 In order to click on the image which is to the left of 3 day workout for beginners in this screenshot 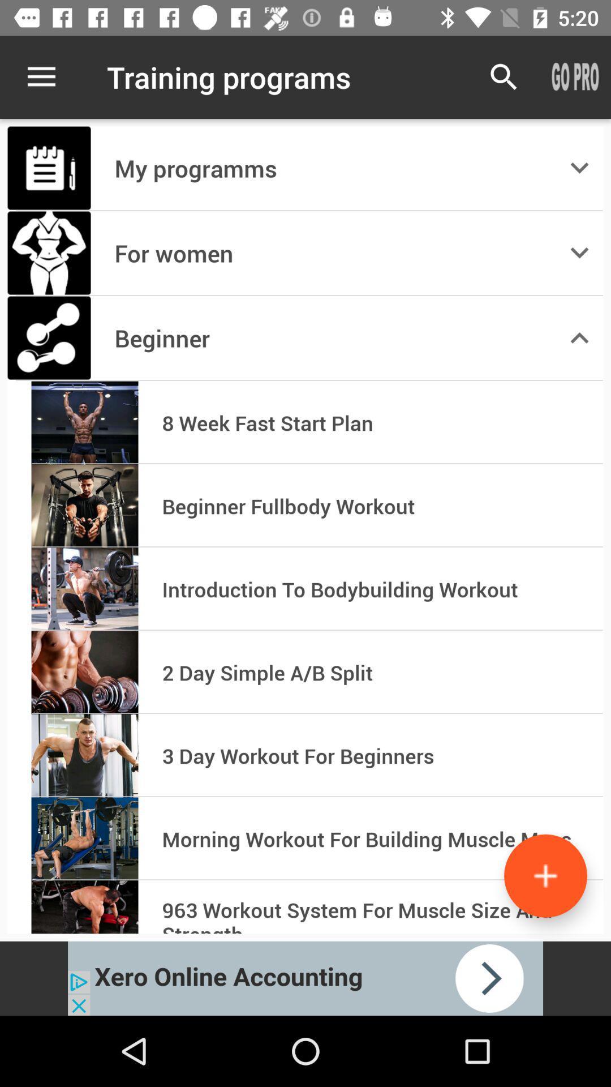, I will do `click(84, 756)`.